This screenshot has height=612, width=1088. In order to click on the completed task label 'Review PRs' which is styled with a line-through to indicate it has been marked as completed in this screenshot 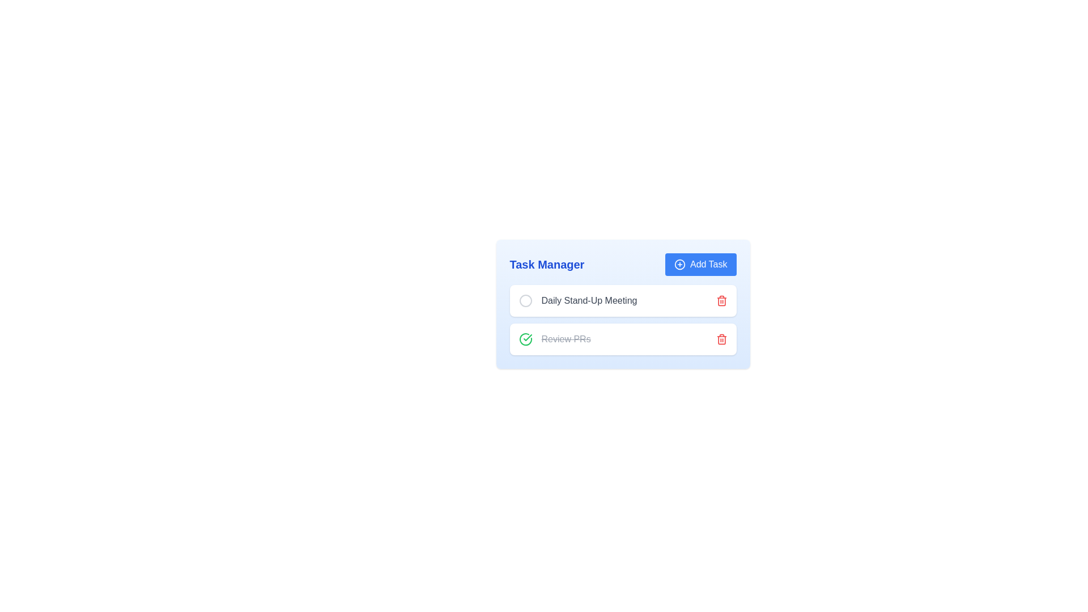, I will do `click(566, 338)`.